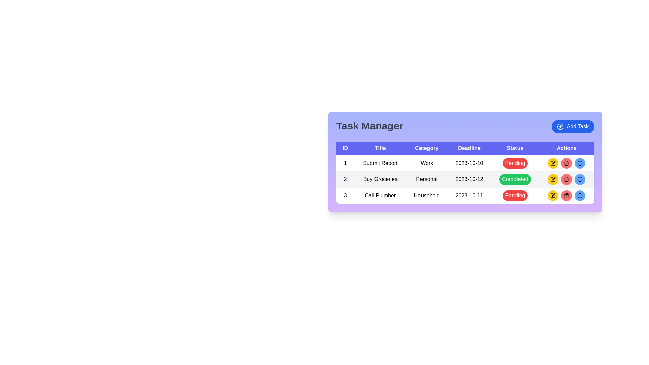 The height and width of the screenshot is (365, 649). Describe the element at coordinates (580, 179) in the screenshot. I see `the information button located in the second row of the 'Actions' column in the task manager interface` at that location.